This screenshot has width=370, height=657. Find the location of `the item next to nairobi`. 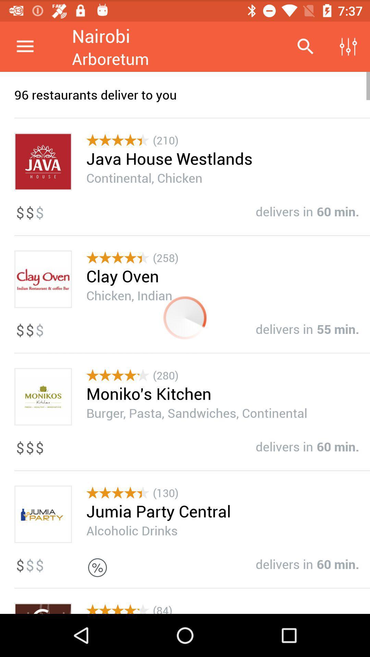

the item next to nairobi is located at coordinates (305, 46).